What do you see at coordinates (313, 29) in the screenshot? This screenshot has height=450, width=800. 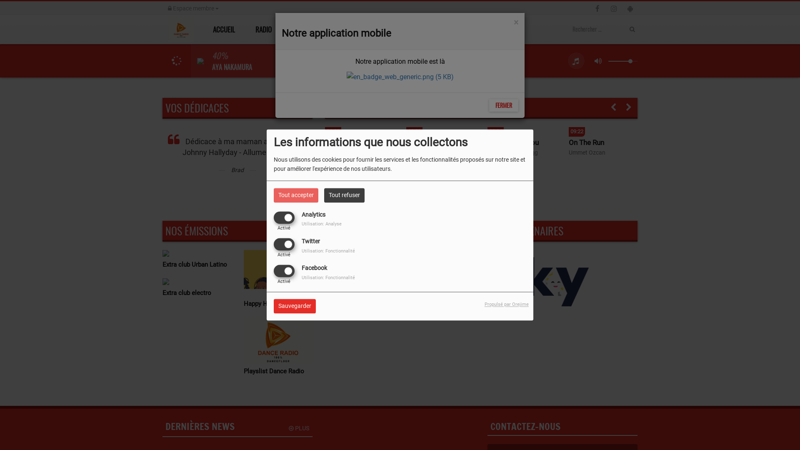 I see `'MUSIQUE'` at bounding box center [313, 29].